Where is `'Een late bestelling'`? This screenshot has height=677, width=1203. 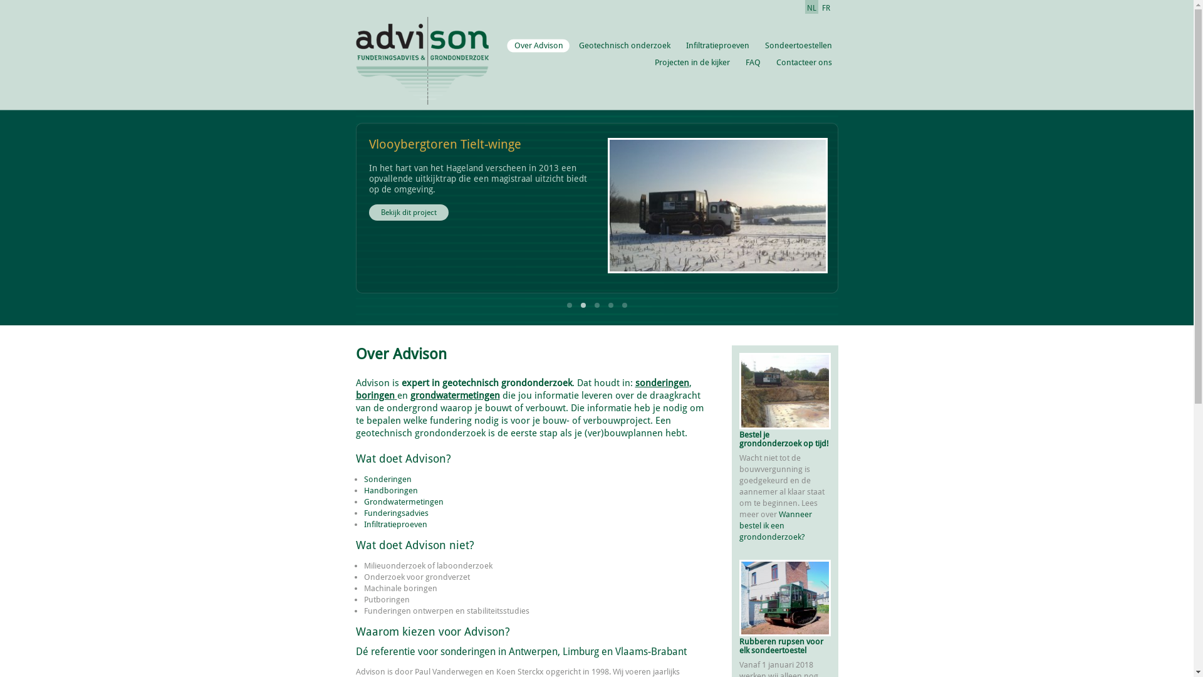
'Een late bestelling' is located at coordinates (784, 391).